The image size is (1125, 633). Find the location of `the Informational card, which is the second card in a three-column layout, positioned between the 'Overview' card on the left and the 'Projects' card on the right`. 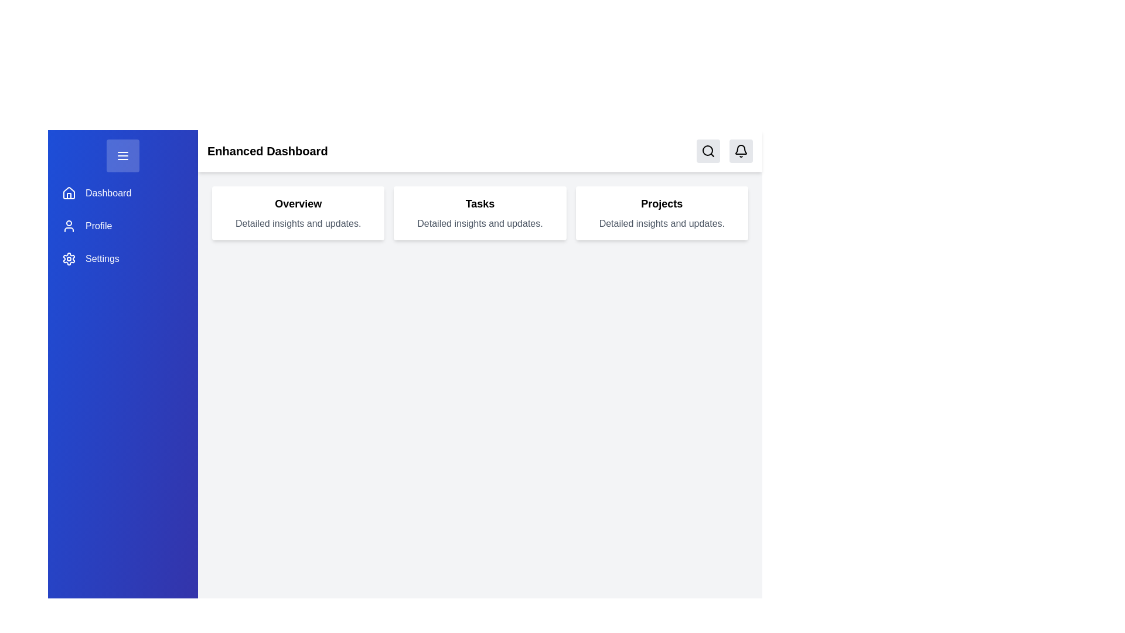

the Informational card, which is the second card in a three-column layout, positioned between the 'Overview' card on the left and the 'Projects' card on the right is located at coordinates (480, 213).